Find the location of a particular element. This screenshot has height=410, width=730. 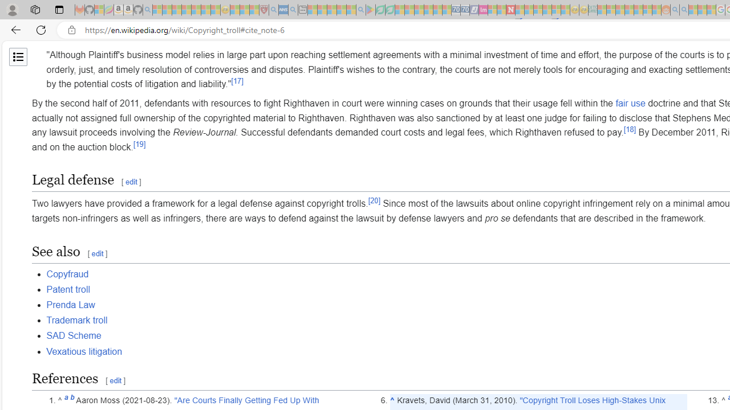

'The Weather Channel - MSN - Sleeping' is located at coordinates (176, 10).